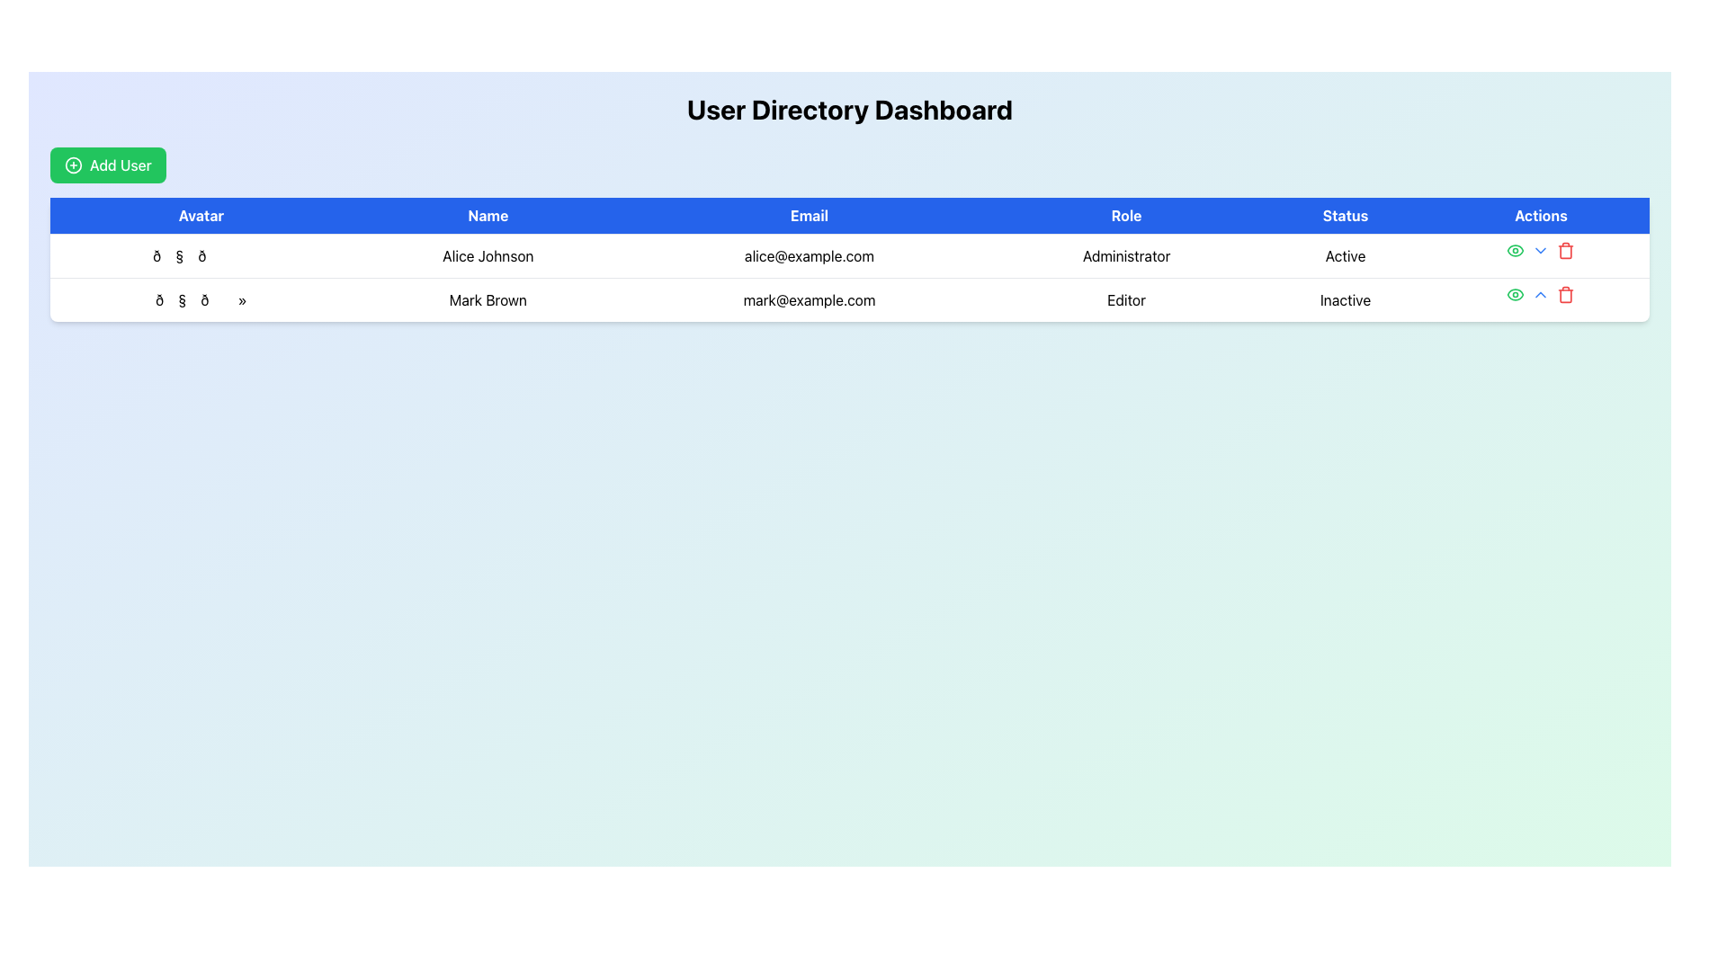 Image resolution: width=1727 pixels, height=971 pixels. What do you see at coordinates (72, 165) in the screenshot?
I see `the 'Add User' button located at the top left of the page to initiate the action of adding a new user` at bounding box center [72, 165].